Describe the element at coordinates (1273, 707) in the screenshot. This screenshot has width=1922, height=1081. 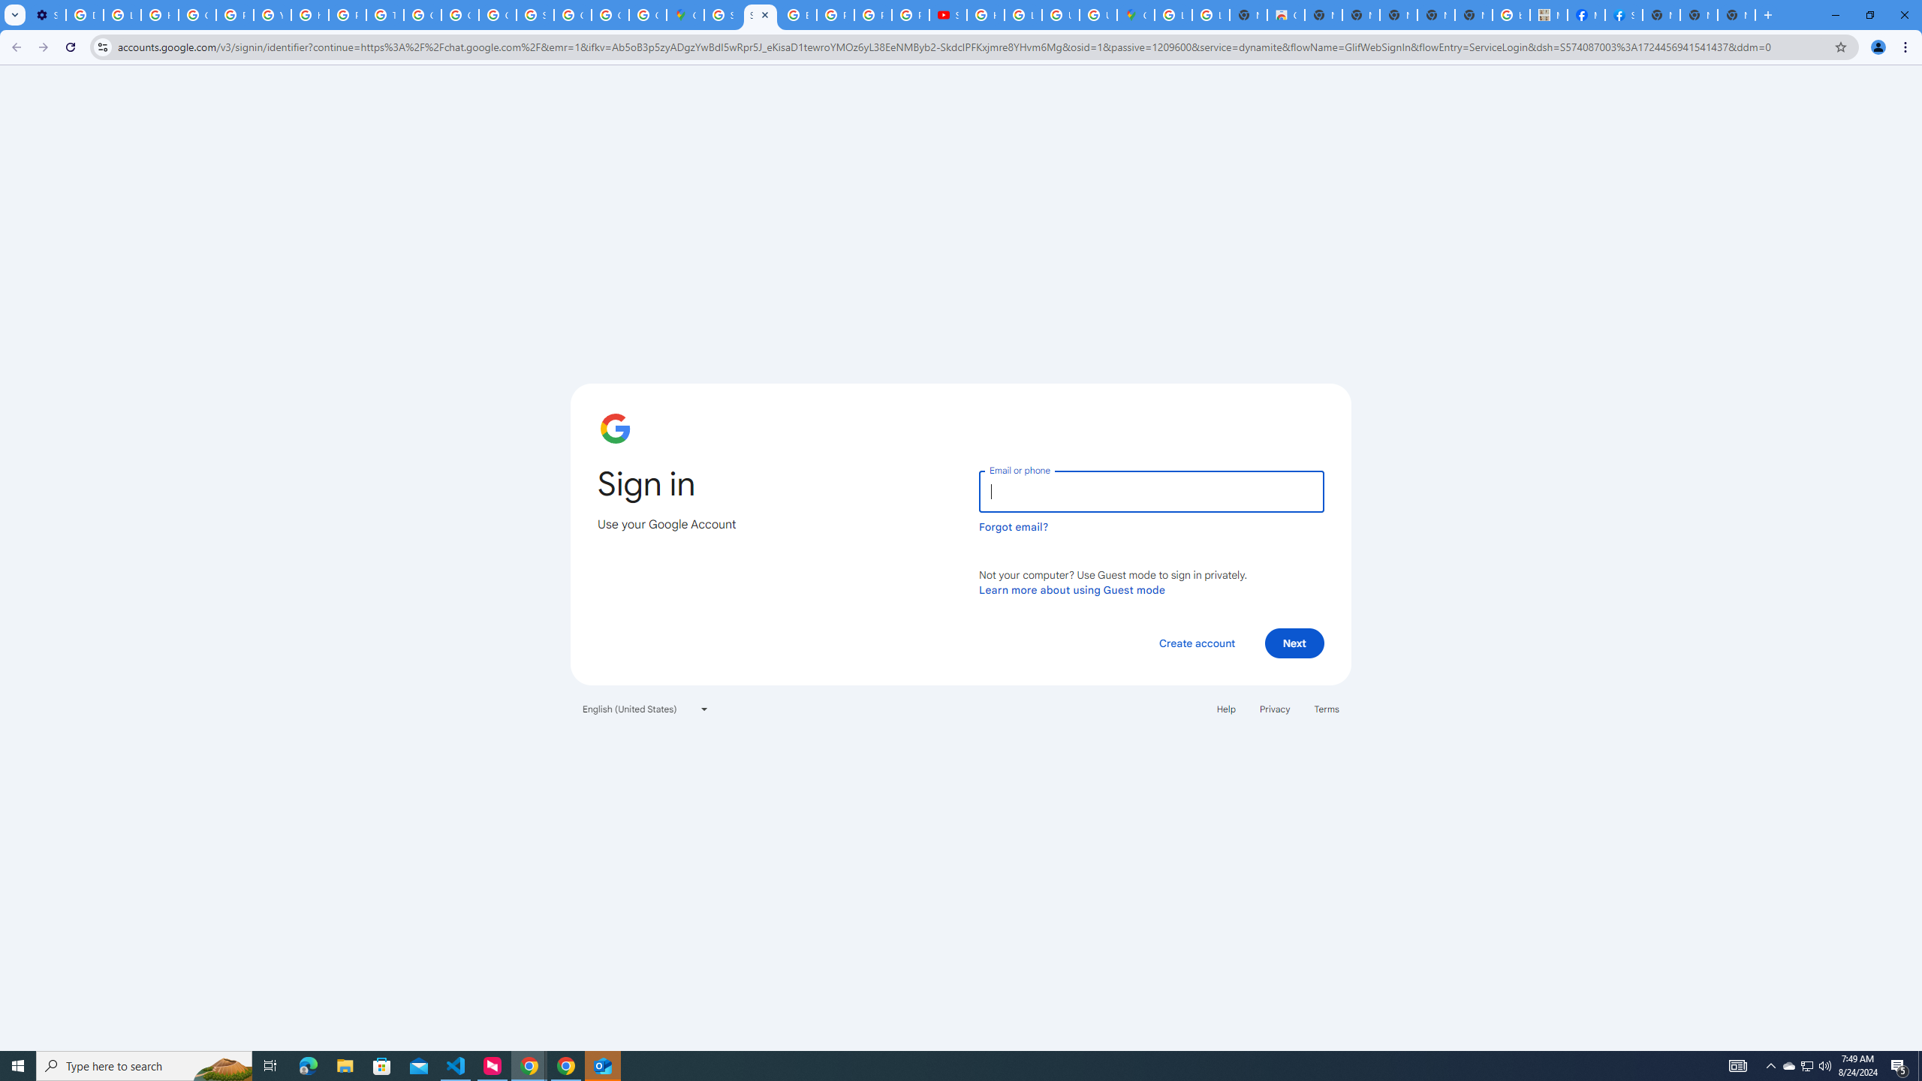
I see `'Privacy'` at that location.